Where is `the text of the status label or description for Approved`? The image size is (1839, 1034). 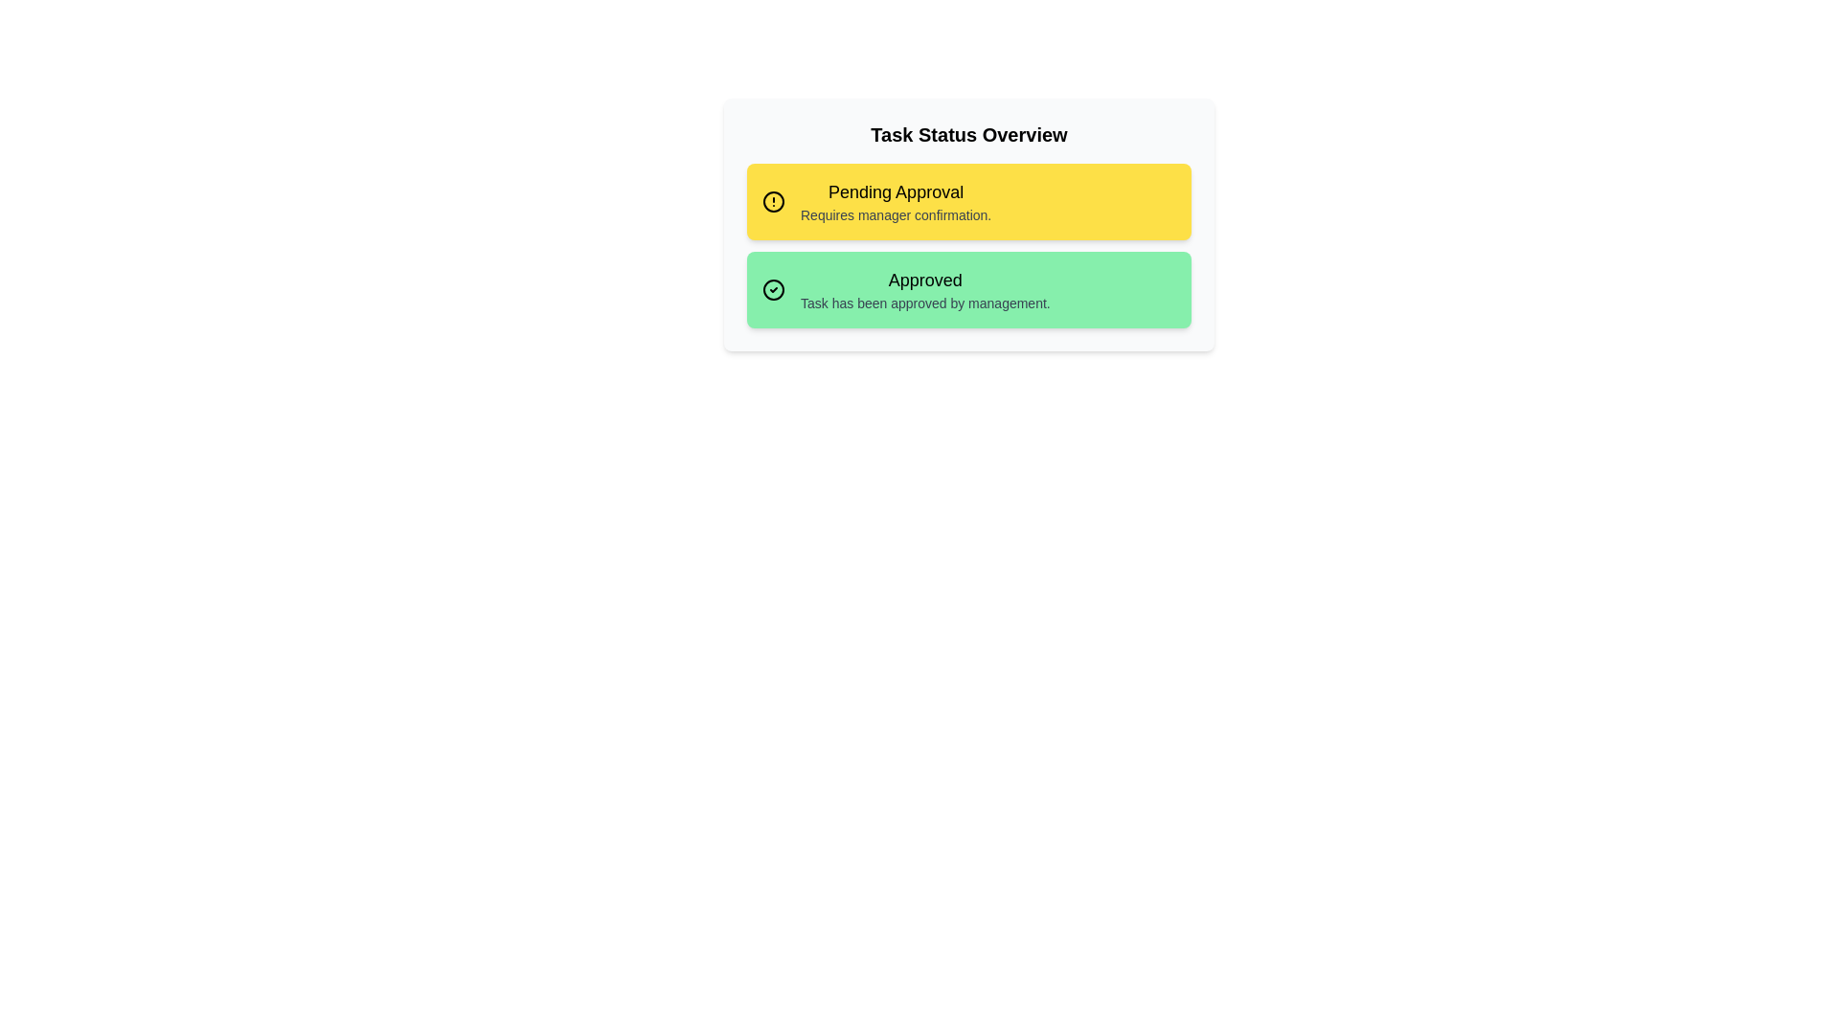 the text of the status label or description for Approved is located at coordinates (924, 281).